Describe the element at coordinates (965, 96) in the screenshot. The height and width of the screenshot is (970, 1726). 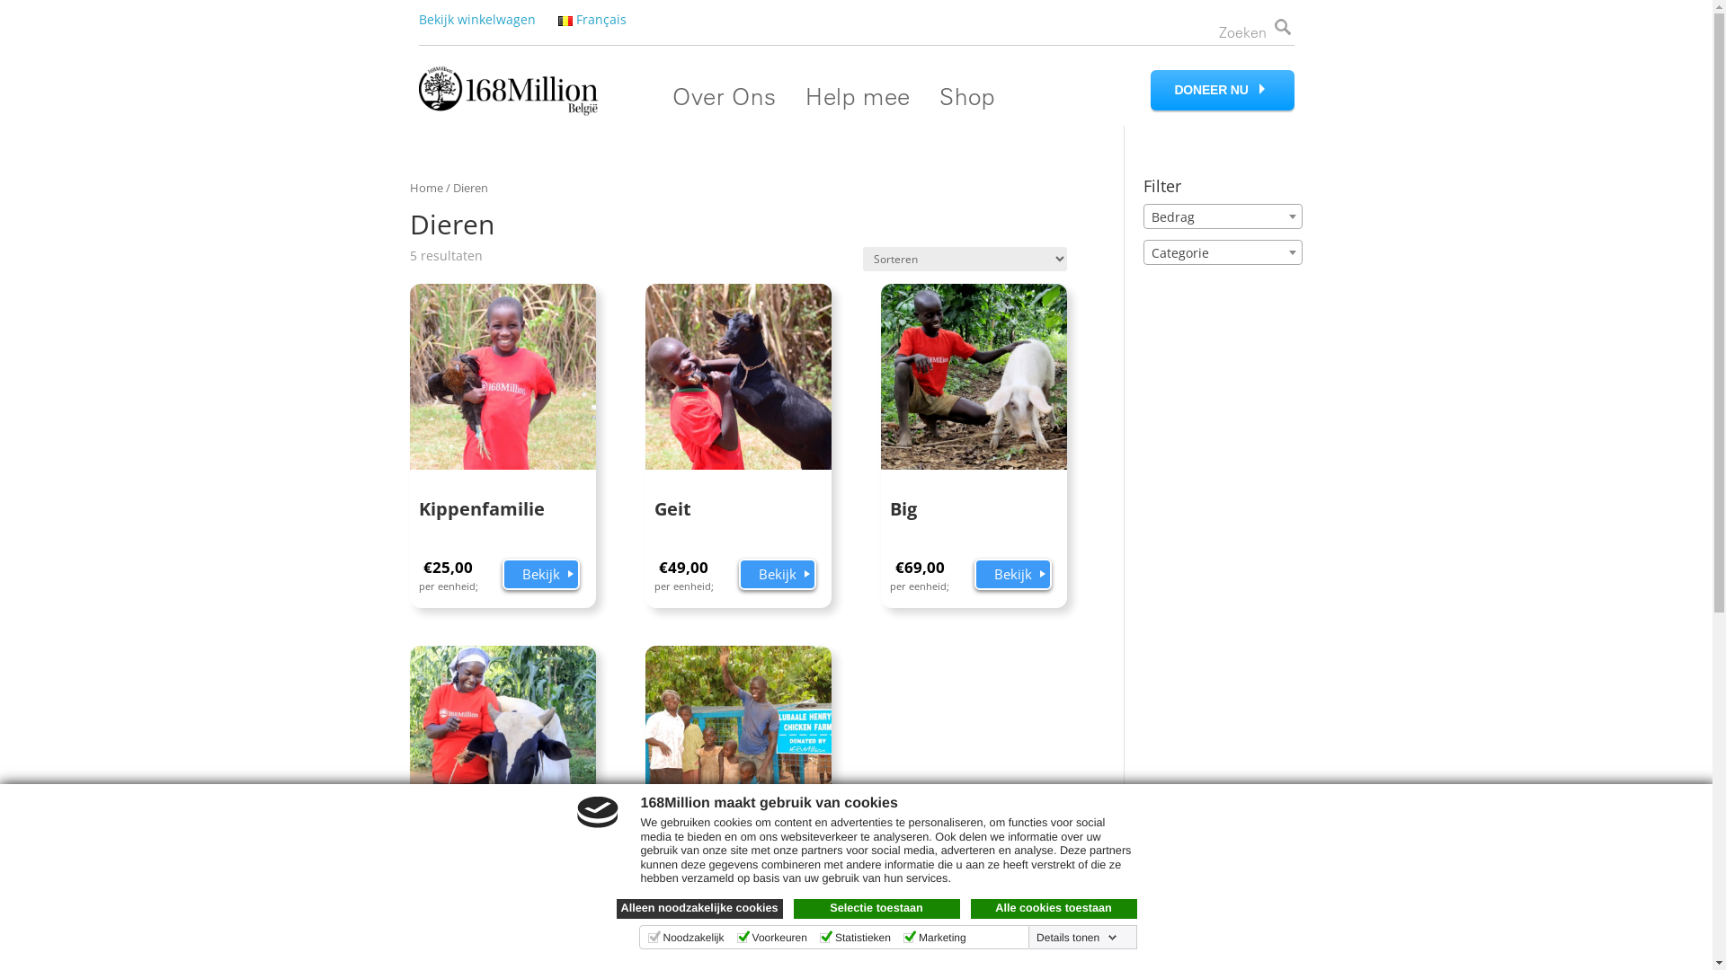
I see `'Shop'` at that location.